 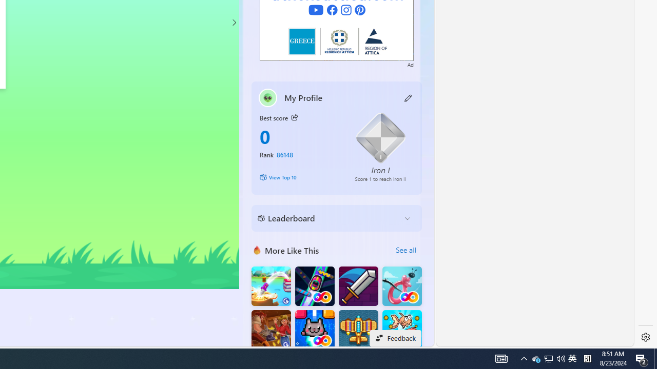 What do you see at coordinates (299, 176) in the screenshot?
I see `'View Top 10'` at bounding box center [299, 176].